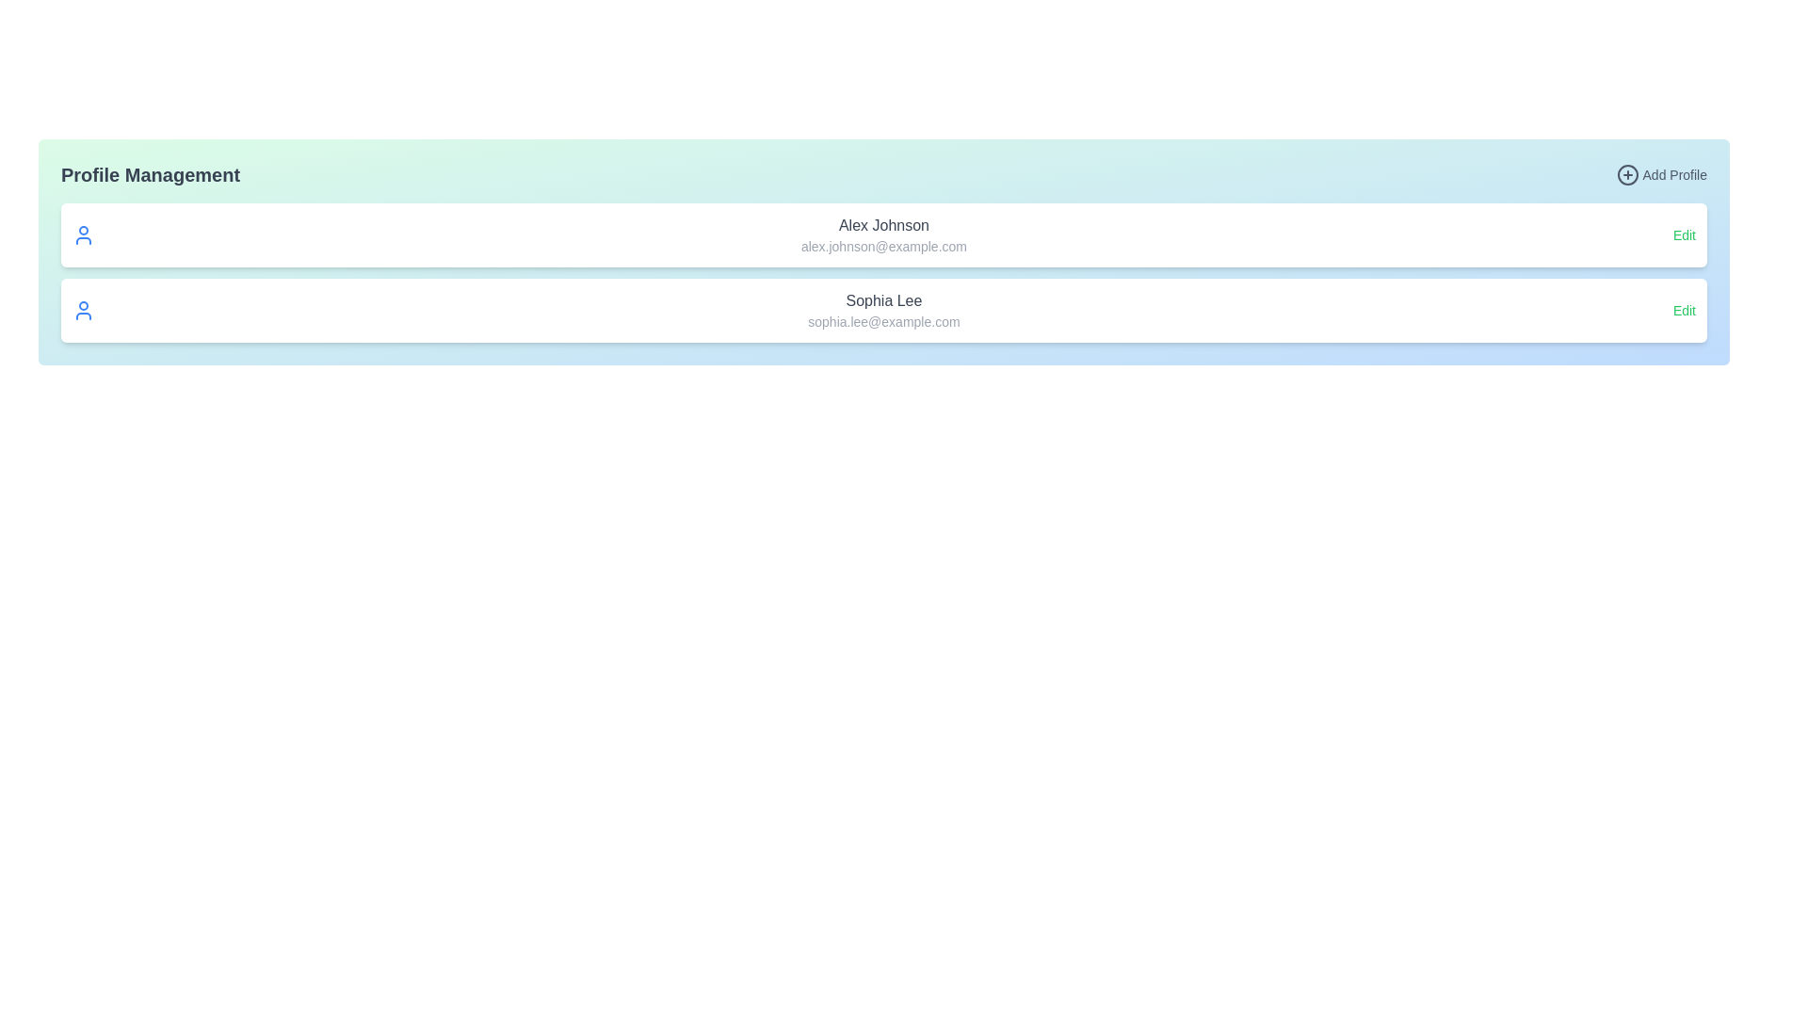  I want to click on the Text Label that identifies the name associated with the profile details, which displays 'Alex Johnson', so click(882, 224).